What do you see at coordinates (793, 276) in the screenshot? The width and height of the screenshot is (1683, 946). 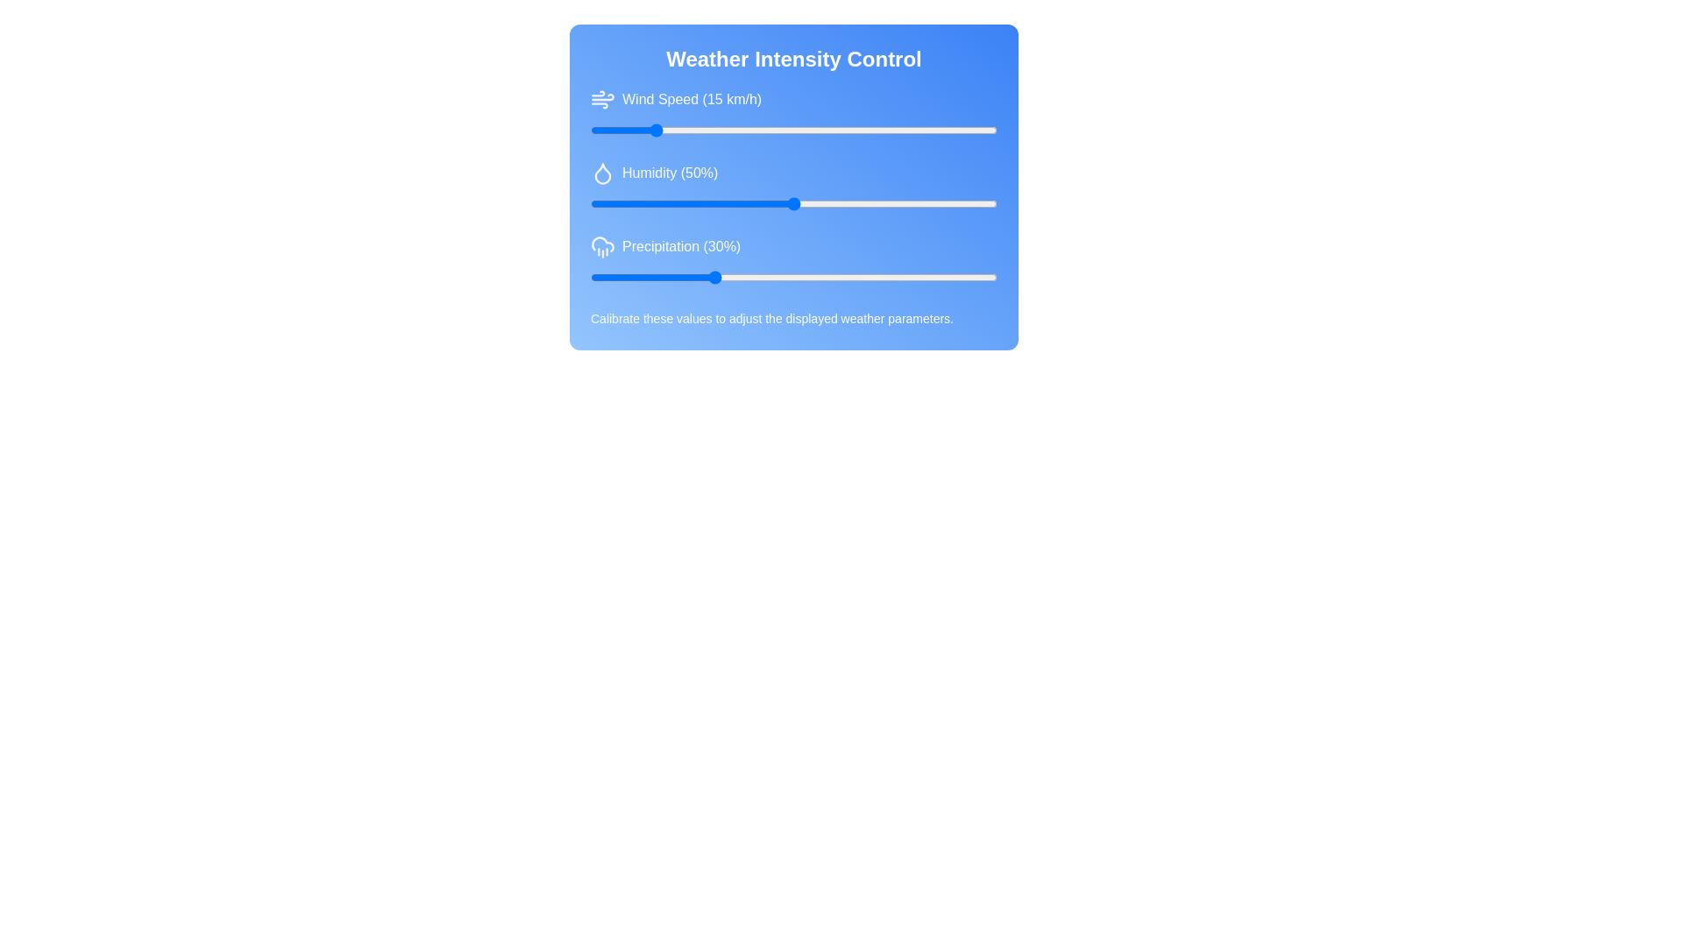 I see `the precipitation intensity slider located under the 'Precipitation (30%)' label to provide interaction feedback` at bounding box center [793, 276].